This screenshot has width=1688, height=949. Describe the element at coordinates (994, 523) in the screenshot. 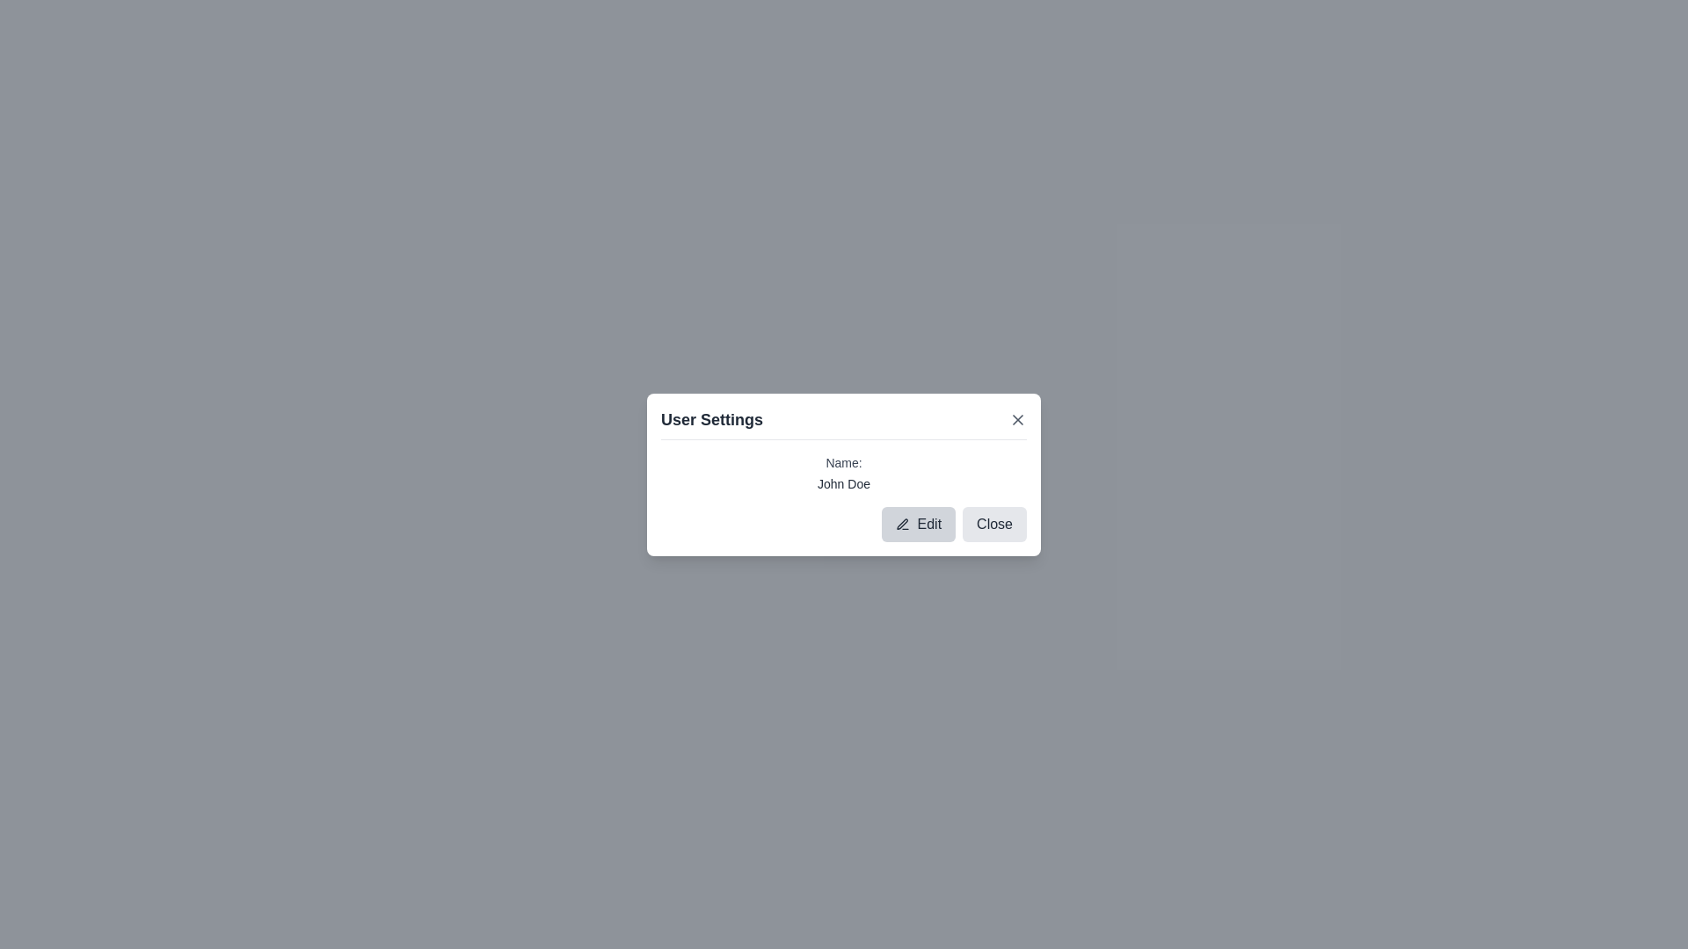

I see `the close button located in the bottom-right part of the dialog box, which is the second button in the control group next to the 'Edit' button to observe the hover effect` at that location.